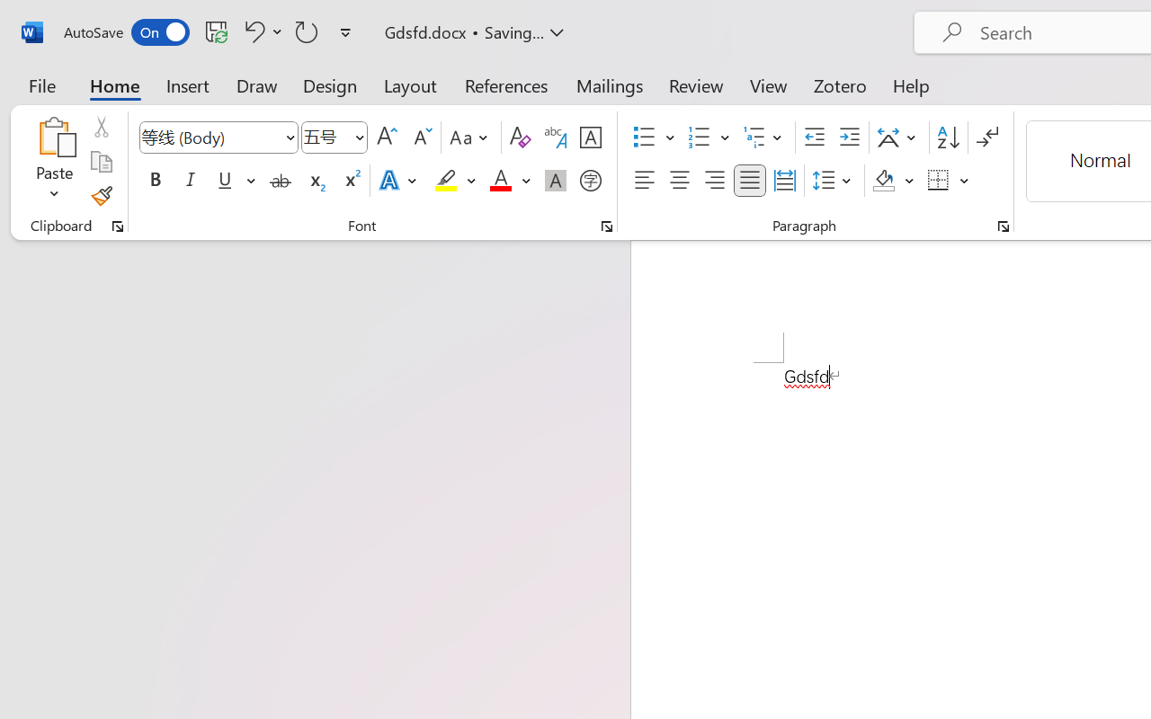 The width and height of the screenshot is (1151, 719). What do you see at coordinates (590, 138) in the screenshot?
I see `'Character Border'` at bounding box center [590, 138].